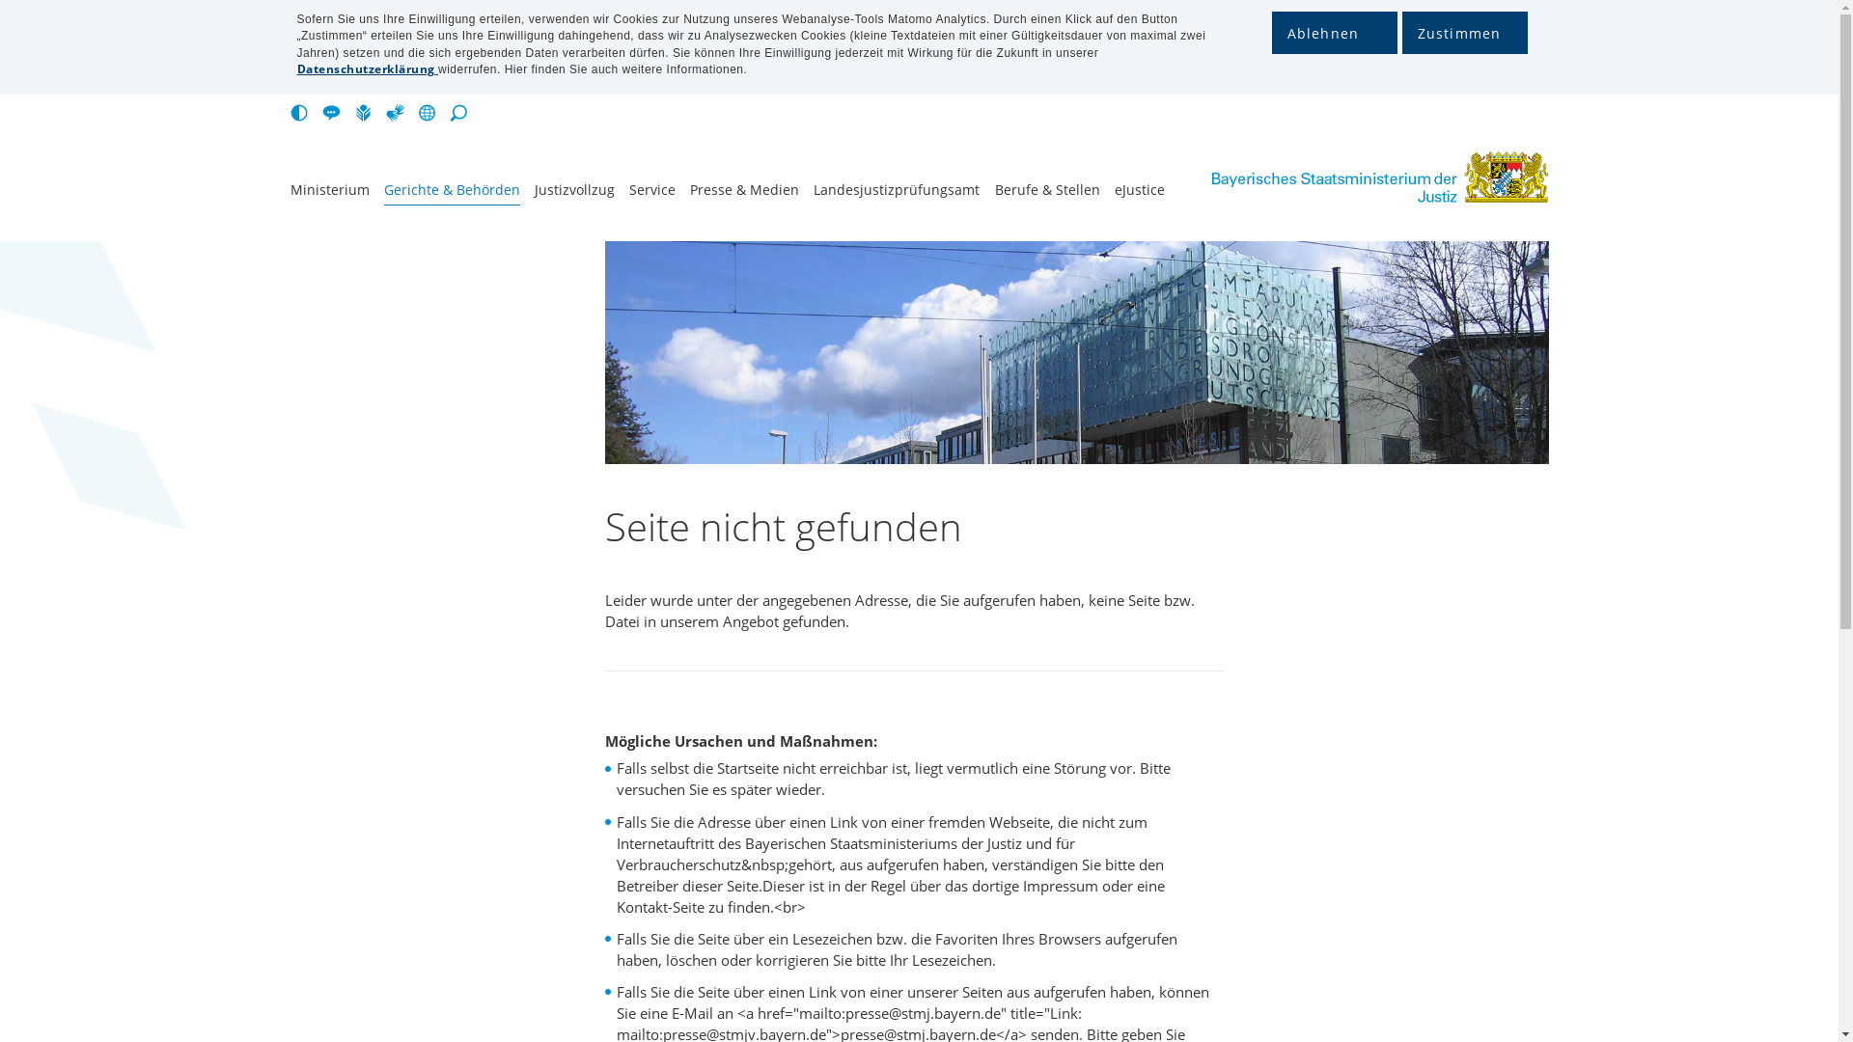  Describe the element at coordinates (429, 112) in the screenshot. I see `'Sprachen'` at that location.